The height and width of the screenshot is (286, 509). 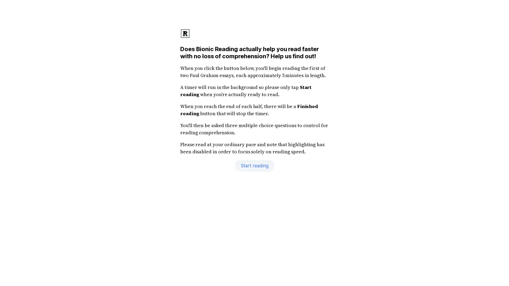 What do you see at coordinates (254, 165) in the screenshot?
I see `Start reading` at bounding box center [254, 165].